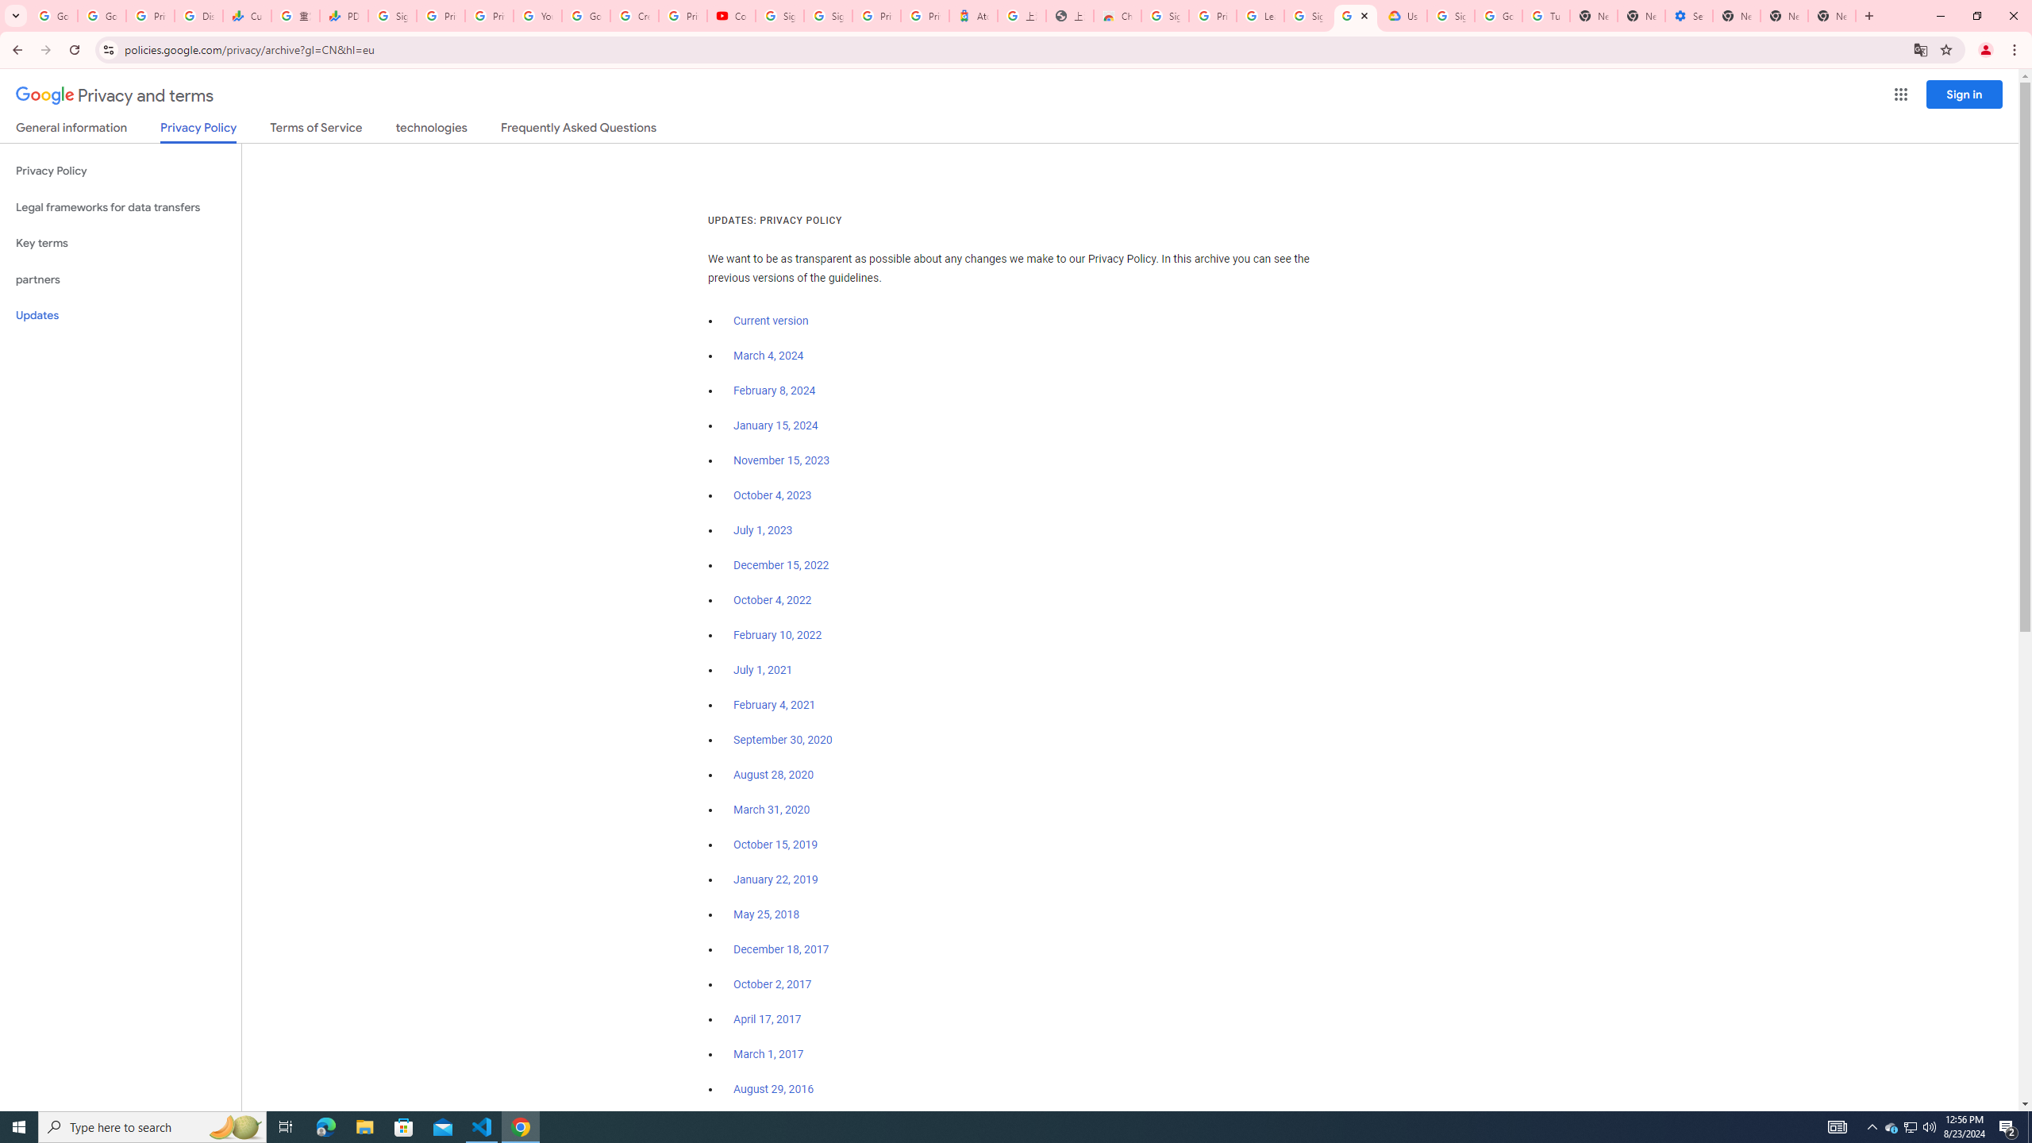 The height and width of the screenshot is (1143, 2032). What do you see at coordinates (246, 15) in the screenshot?
I see `'Currencies - Google Finance'` at bounding box center [246, 15].